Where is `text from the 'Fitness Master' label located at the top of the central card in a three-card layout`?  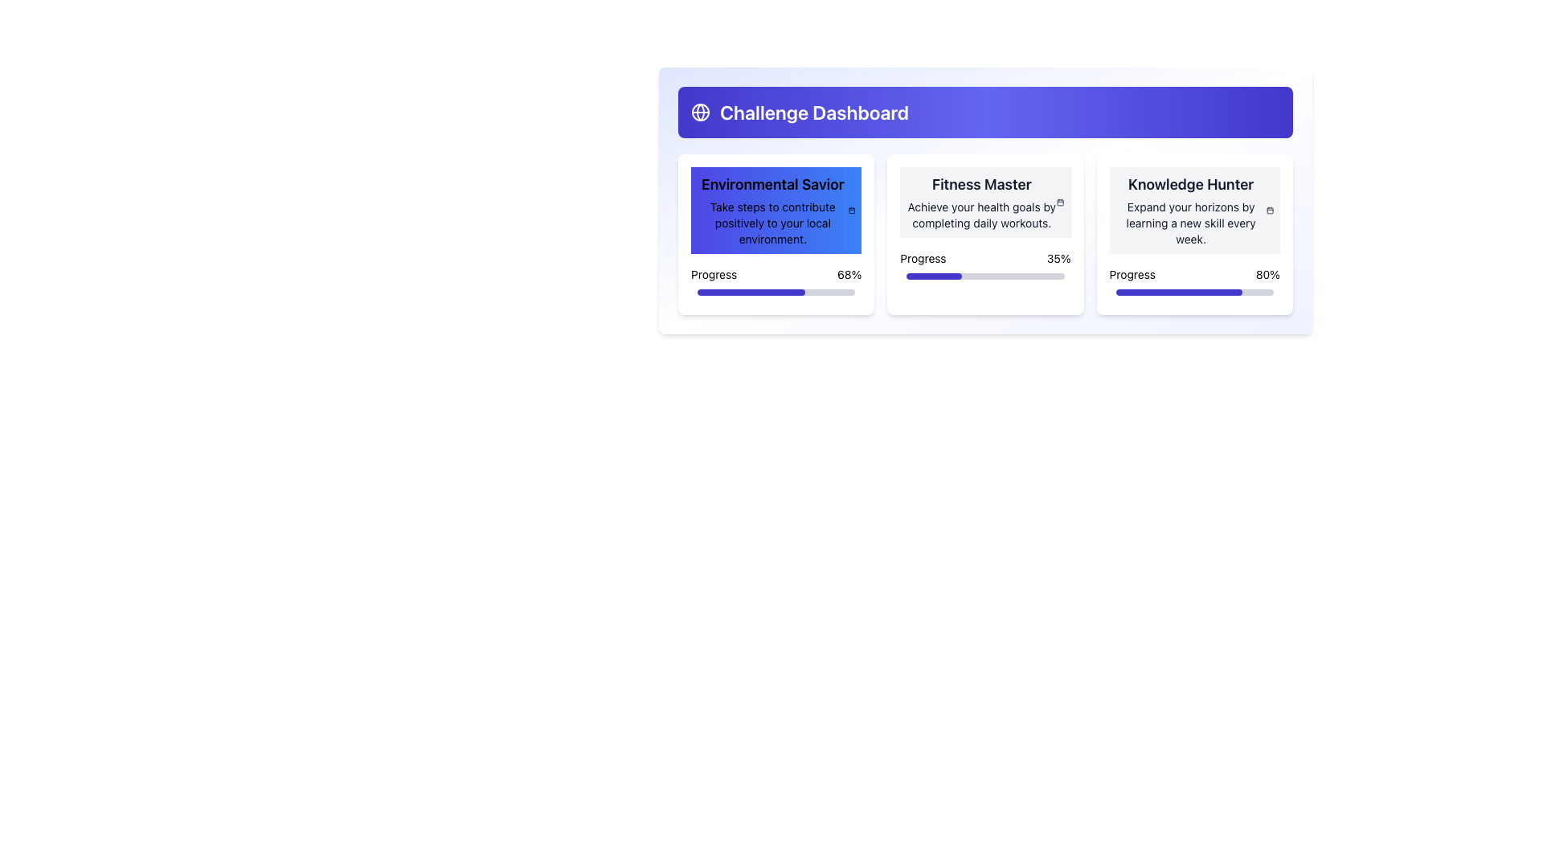 text from the 'Fitness Master' label located at the top of the central card in a three-card layout is located at coordinates (980, 185).